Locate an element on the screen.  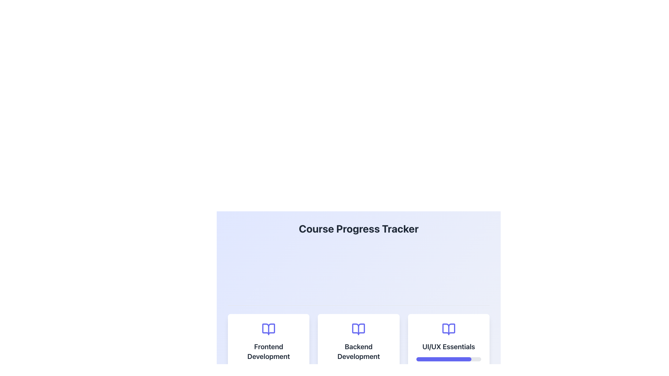
the filled indigo progress bar segment that visually represents 85% completion underneath the 'UI/UX Essentials' section is located at coordinates (443, 359).